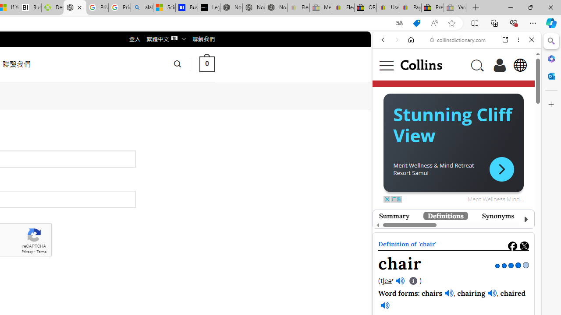 This screenshot has height=315, width=561. Describe the element at coordinates (413, 281) in the screenshot. I see `'IPA Pronunciation Guide'` at that location.